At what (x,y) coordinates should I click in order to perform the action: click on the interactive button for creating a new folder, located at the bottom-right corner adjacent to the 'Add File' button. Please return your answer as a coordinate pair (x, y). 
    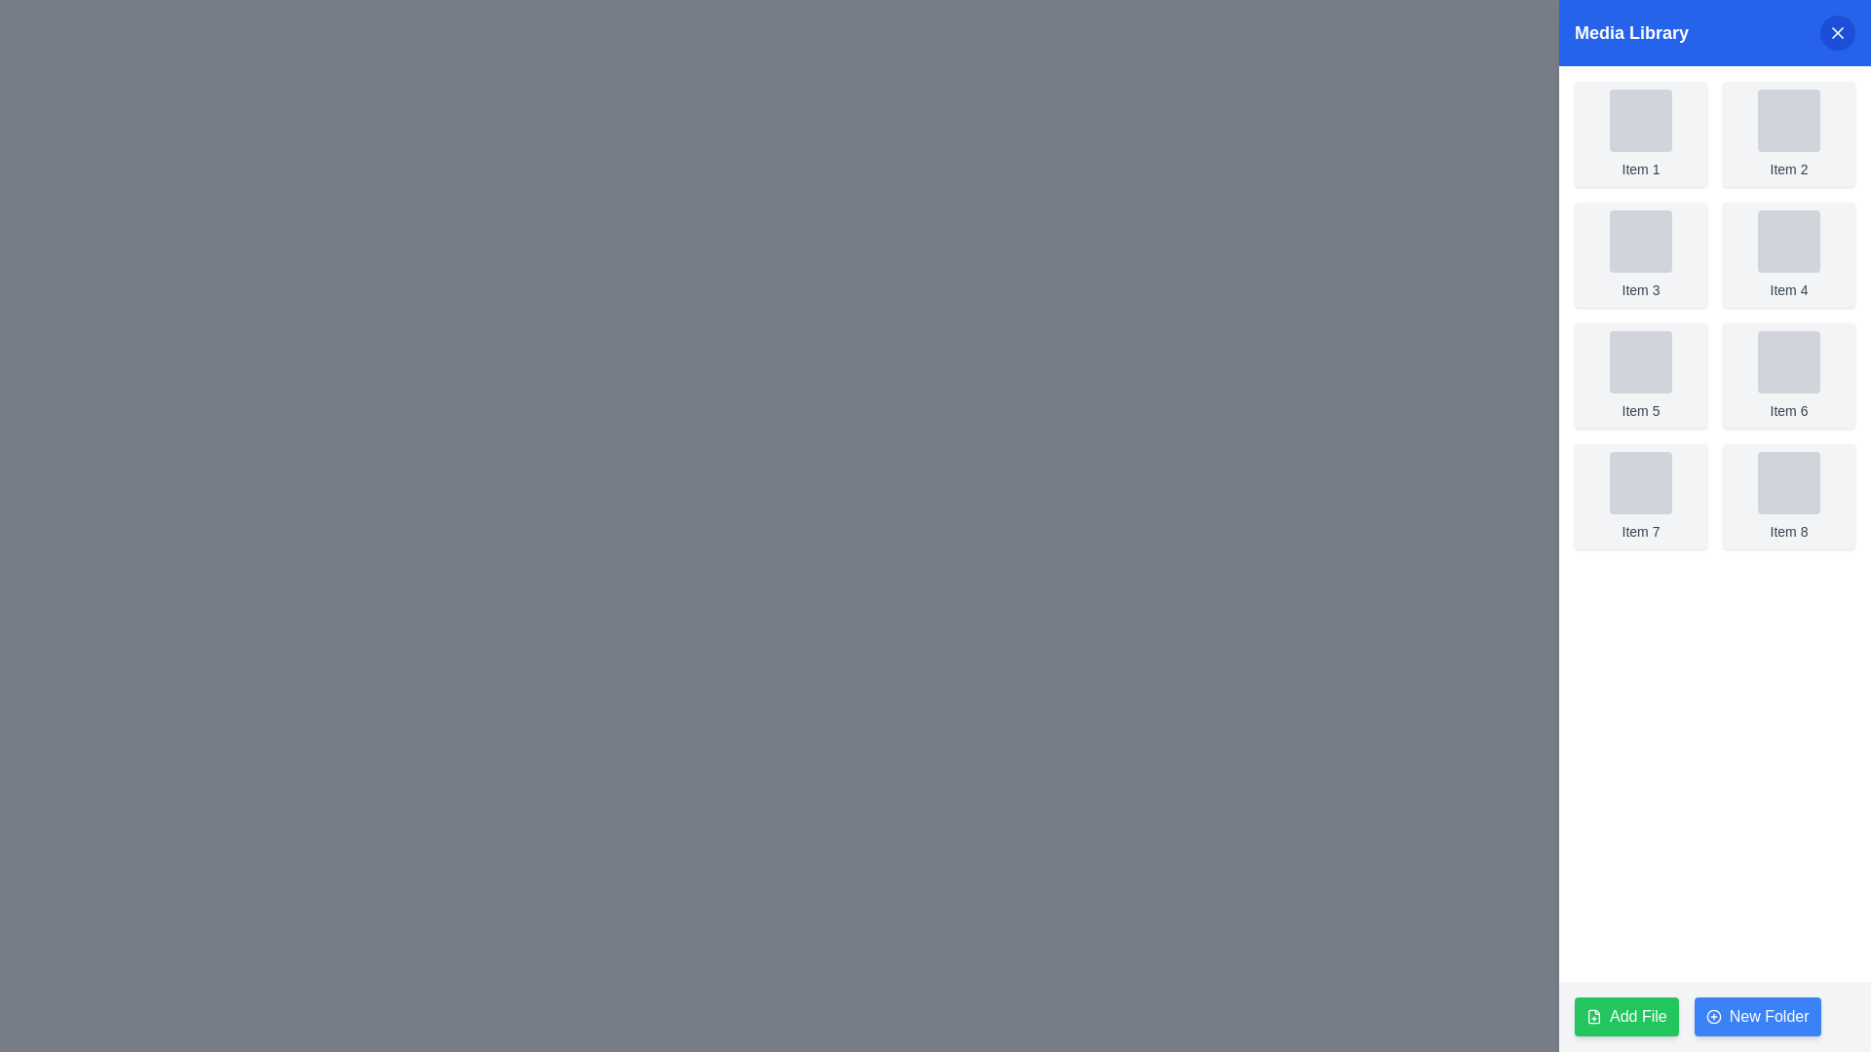
    Looking at the image, I should click on (1757, 1016).